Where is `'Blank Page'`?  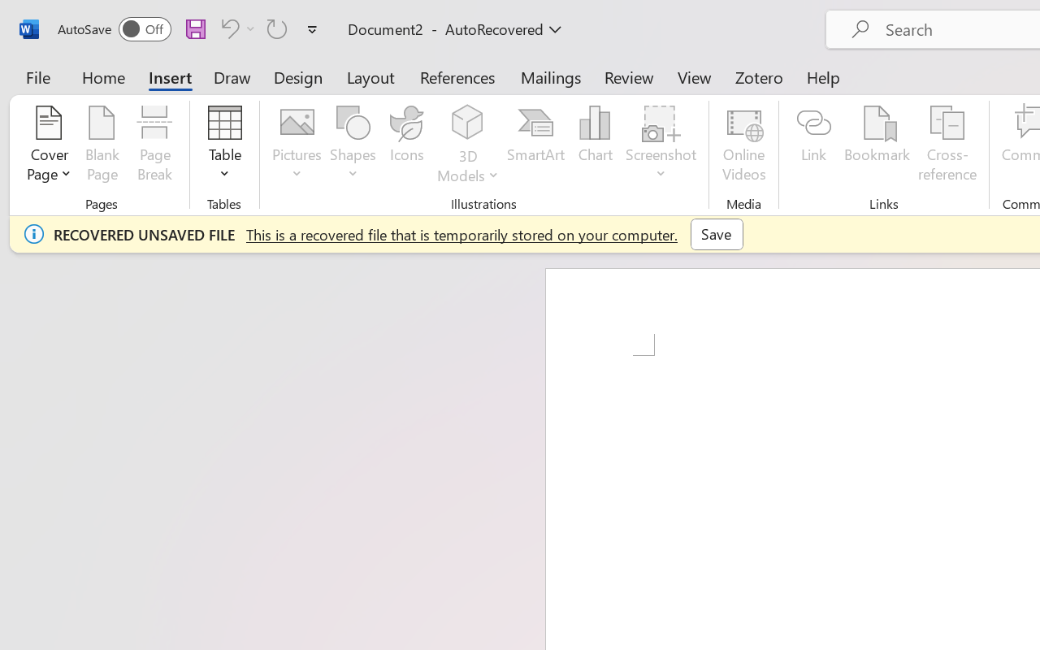 'Blank Page' is located at coordinates (102, 145).